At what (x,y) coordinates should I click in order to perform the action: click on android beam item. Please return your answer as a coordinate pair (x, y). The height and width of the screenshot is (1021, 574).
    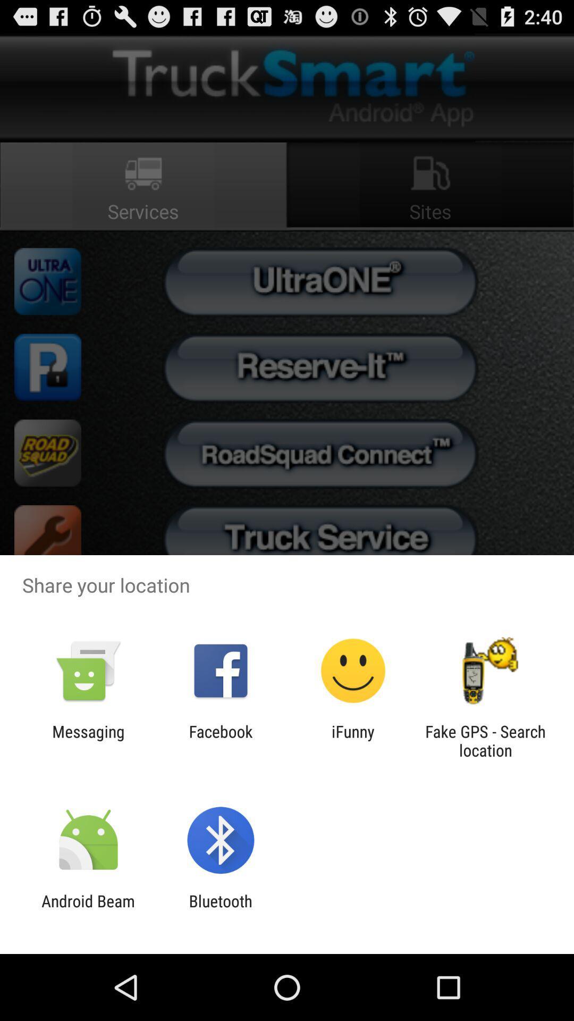
    Looking at the image, I should click on (88, 910).